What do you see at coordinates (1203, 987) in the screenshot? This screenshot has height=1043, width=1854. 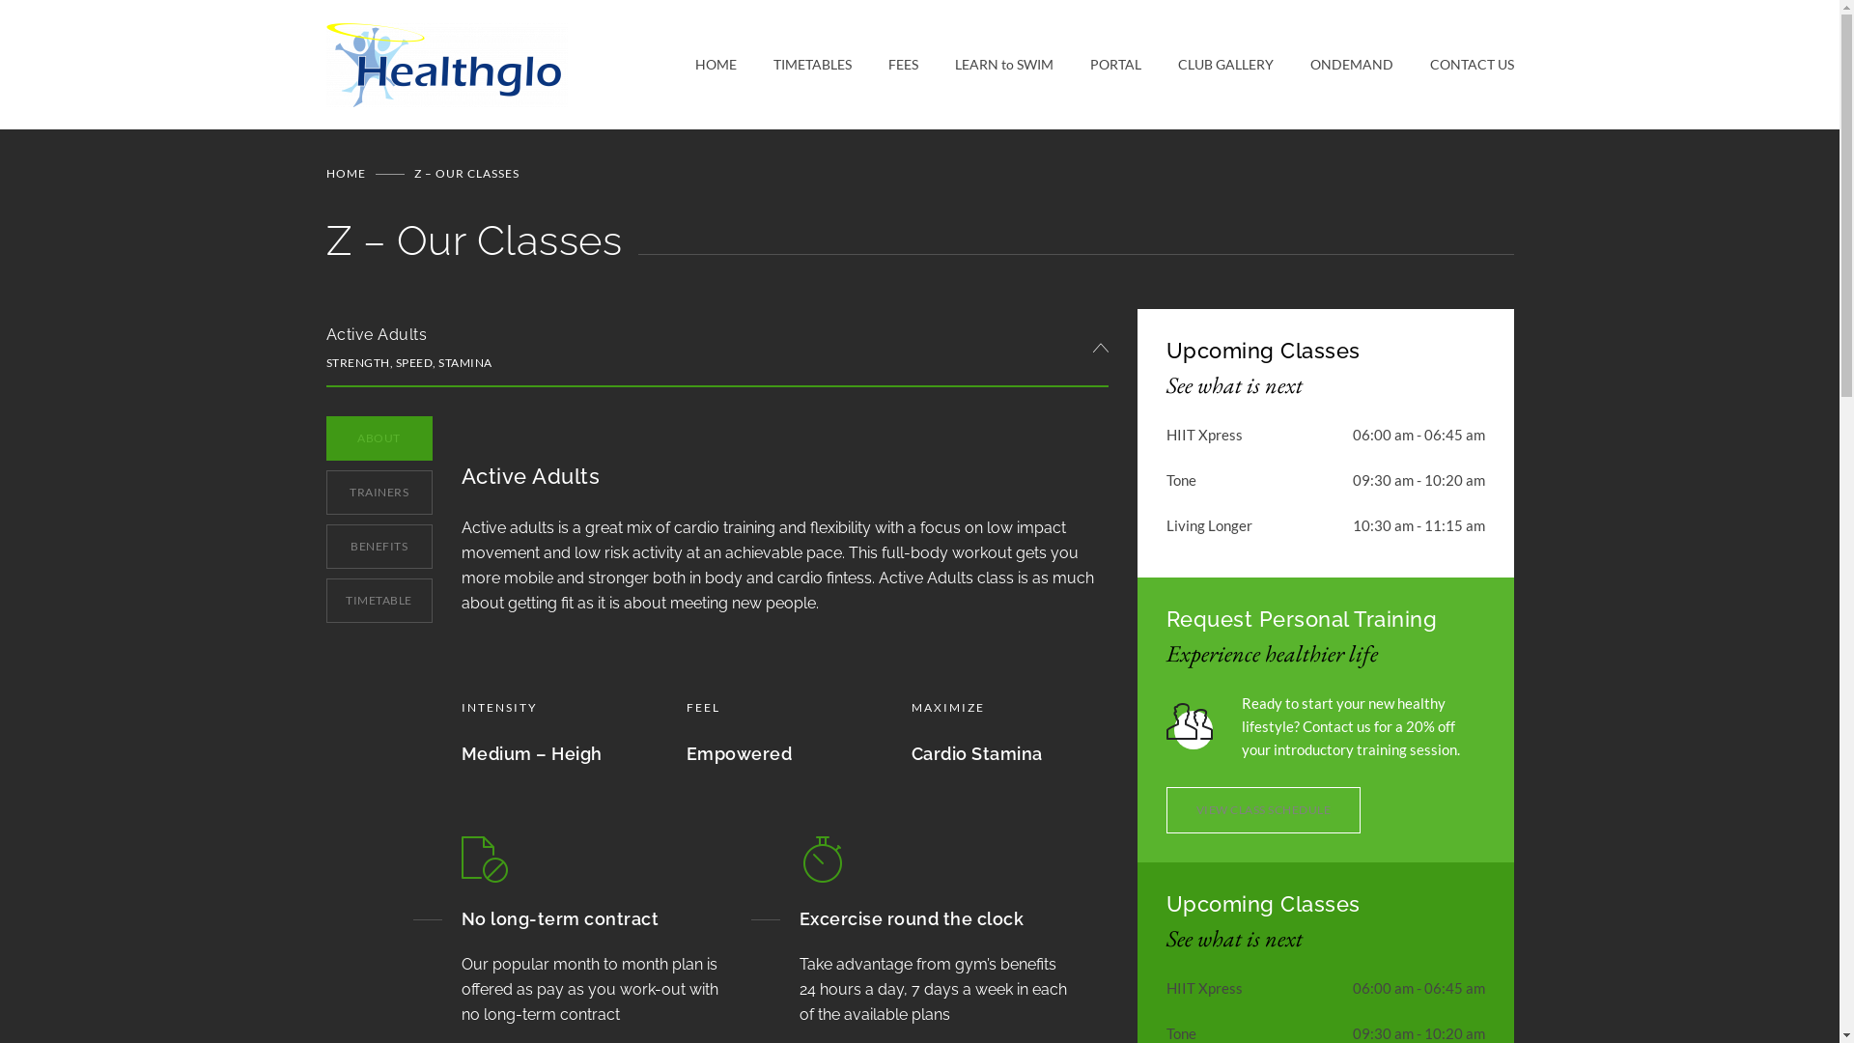 I see `'HIIT Xpress'` at bounding box center [1203, 987].